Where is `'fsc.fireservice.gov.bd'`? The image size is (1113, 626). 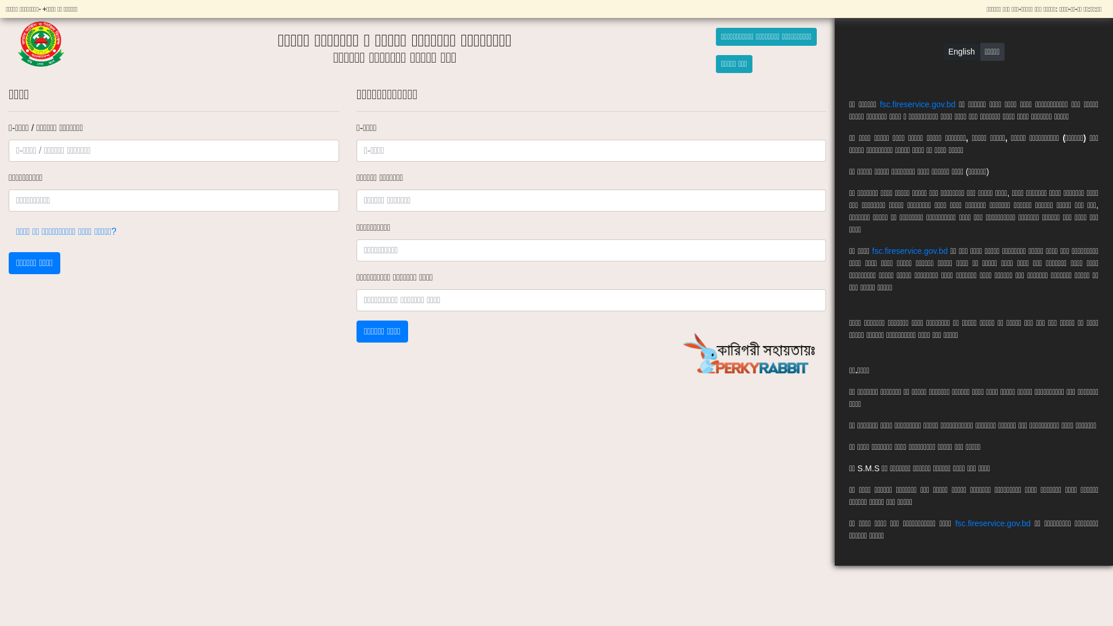 'fsc.fireservice.gov.bd' is located at coordinates (917, 104).